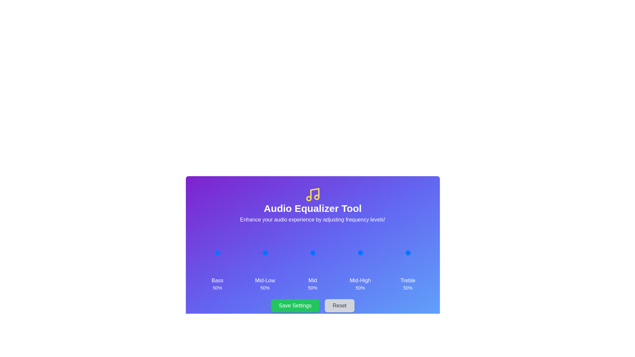 This screenshot has width=635, height=357. I want to click on the 2 slider to 27%, so click(307, 253).